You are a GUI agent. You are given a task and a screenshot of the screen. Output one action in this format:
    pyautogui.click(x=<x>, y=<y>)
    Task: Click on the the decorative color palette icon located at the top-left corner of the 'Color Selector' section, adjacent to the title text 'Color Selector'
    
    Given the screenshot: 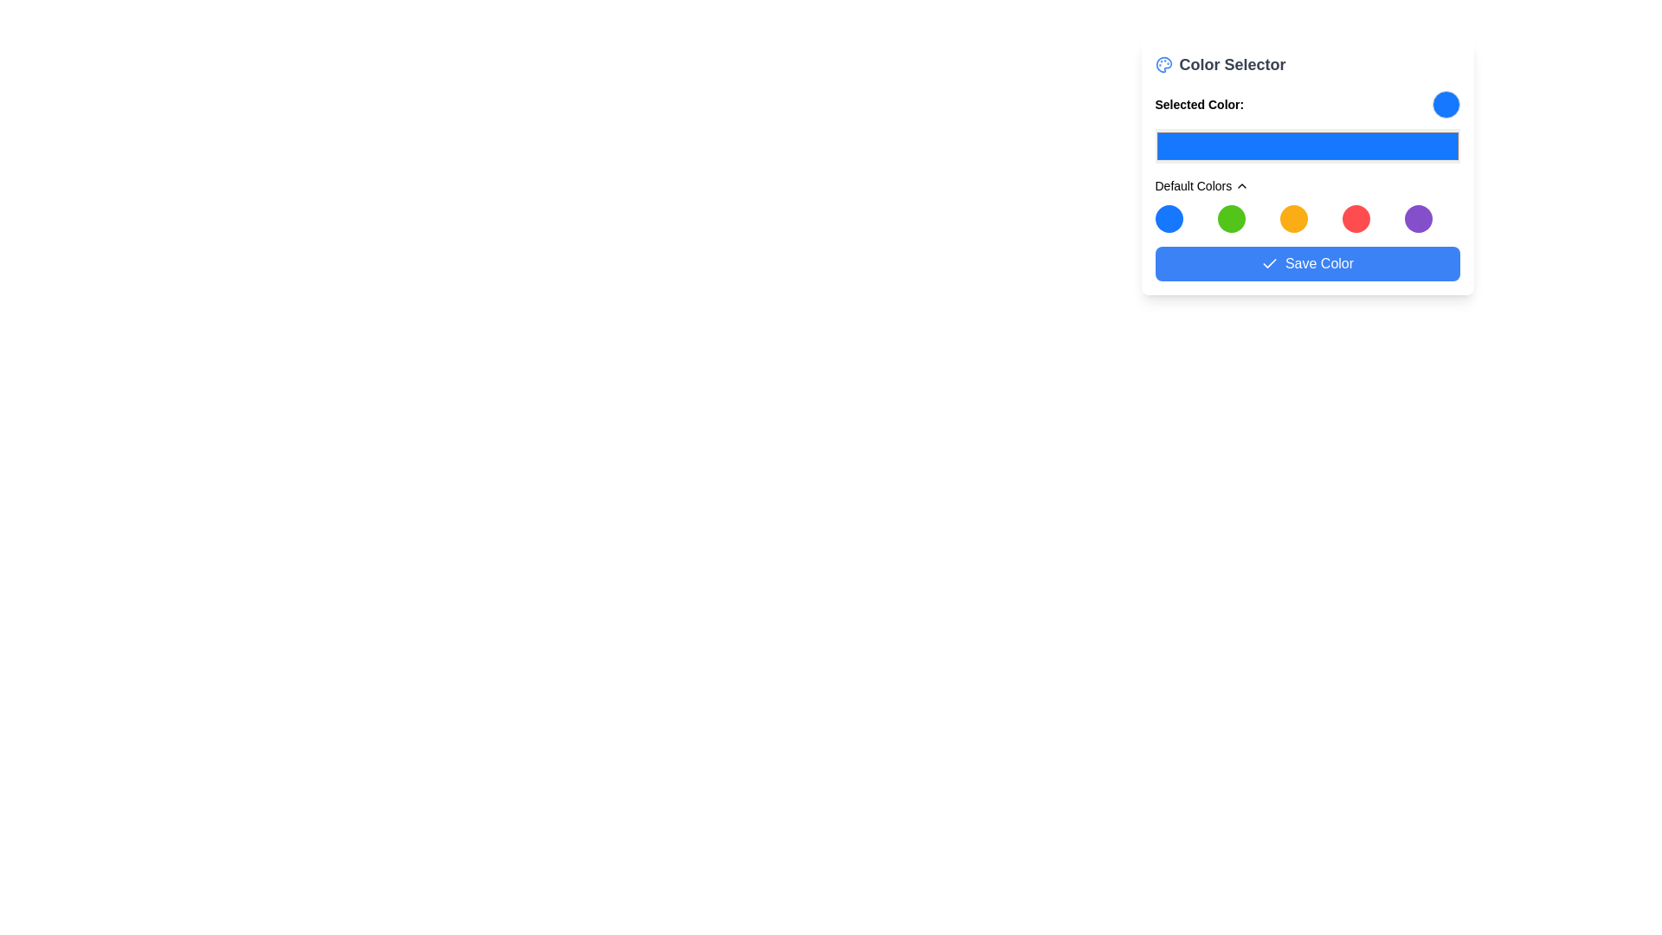 What is the action you would take?
    pyautogui.click(x=1163, y=63)
    